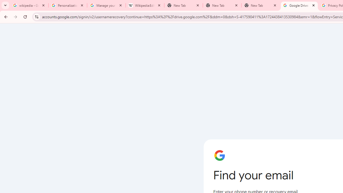  Describe the element at coordinates (260, 5) in the screenshot. I see `'New Tab'` at that location.